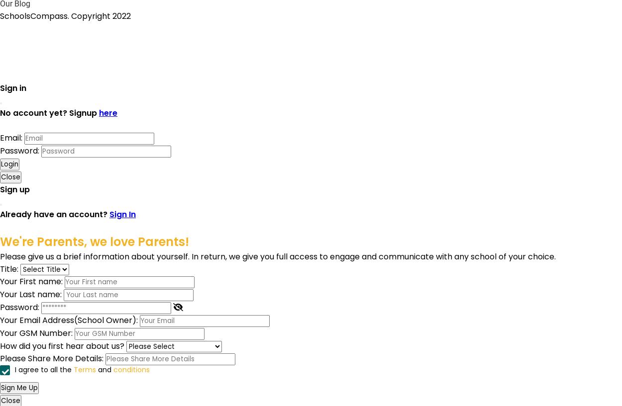  I want to click on 'conditions', so click(113, 369).